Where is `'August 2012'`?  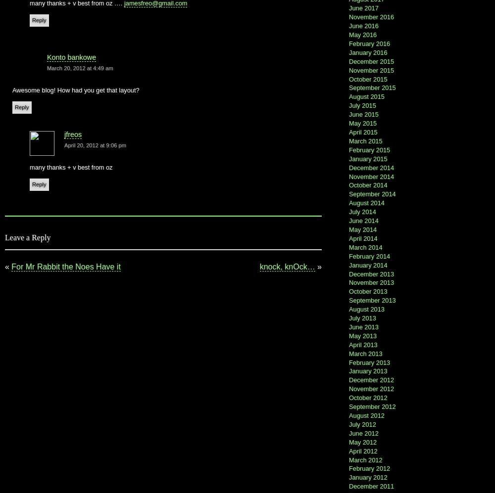 'August 2012' is located at coordinates (366, 415).